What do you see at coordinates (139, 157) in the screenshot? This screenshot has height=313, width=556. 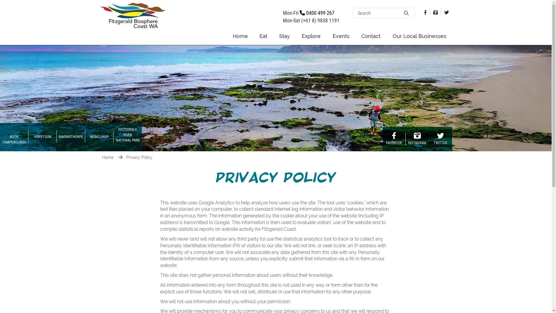 I see `'Privacy Policy'` at bounding box center [139, 157].